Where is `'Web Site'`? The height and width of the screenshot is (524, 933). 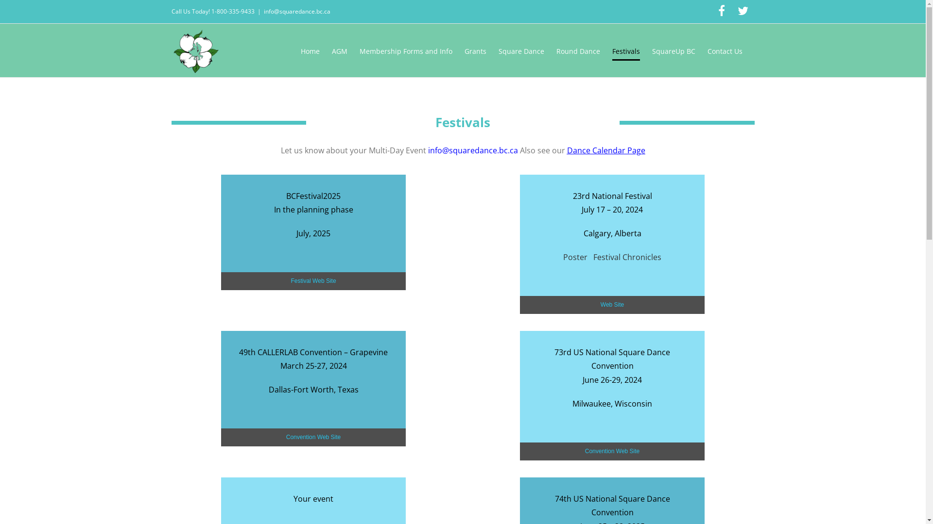 'Web Site' is located at coordinates (611, 304).